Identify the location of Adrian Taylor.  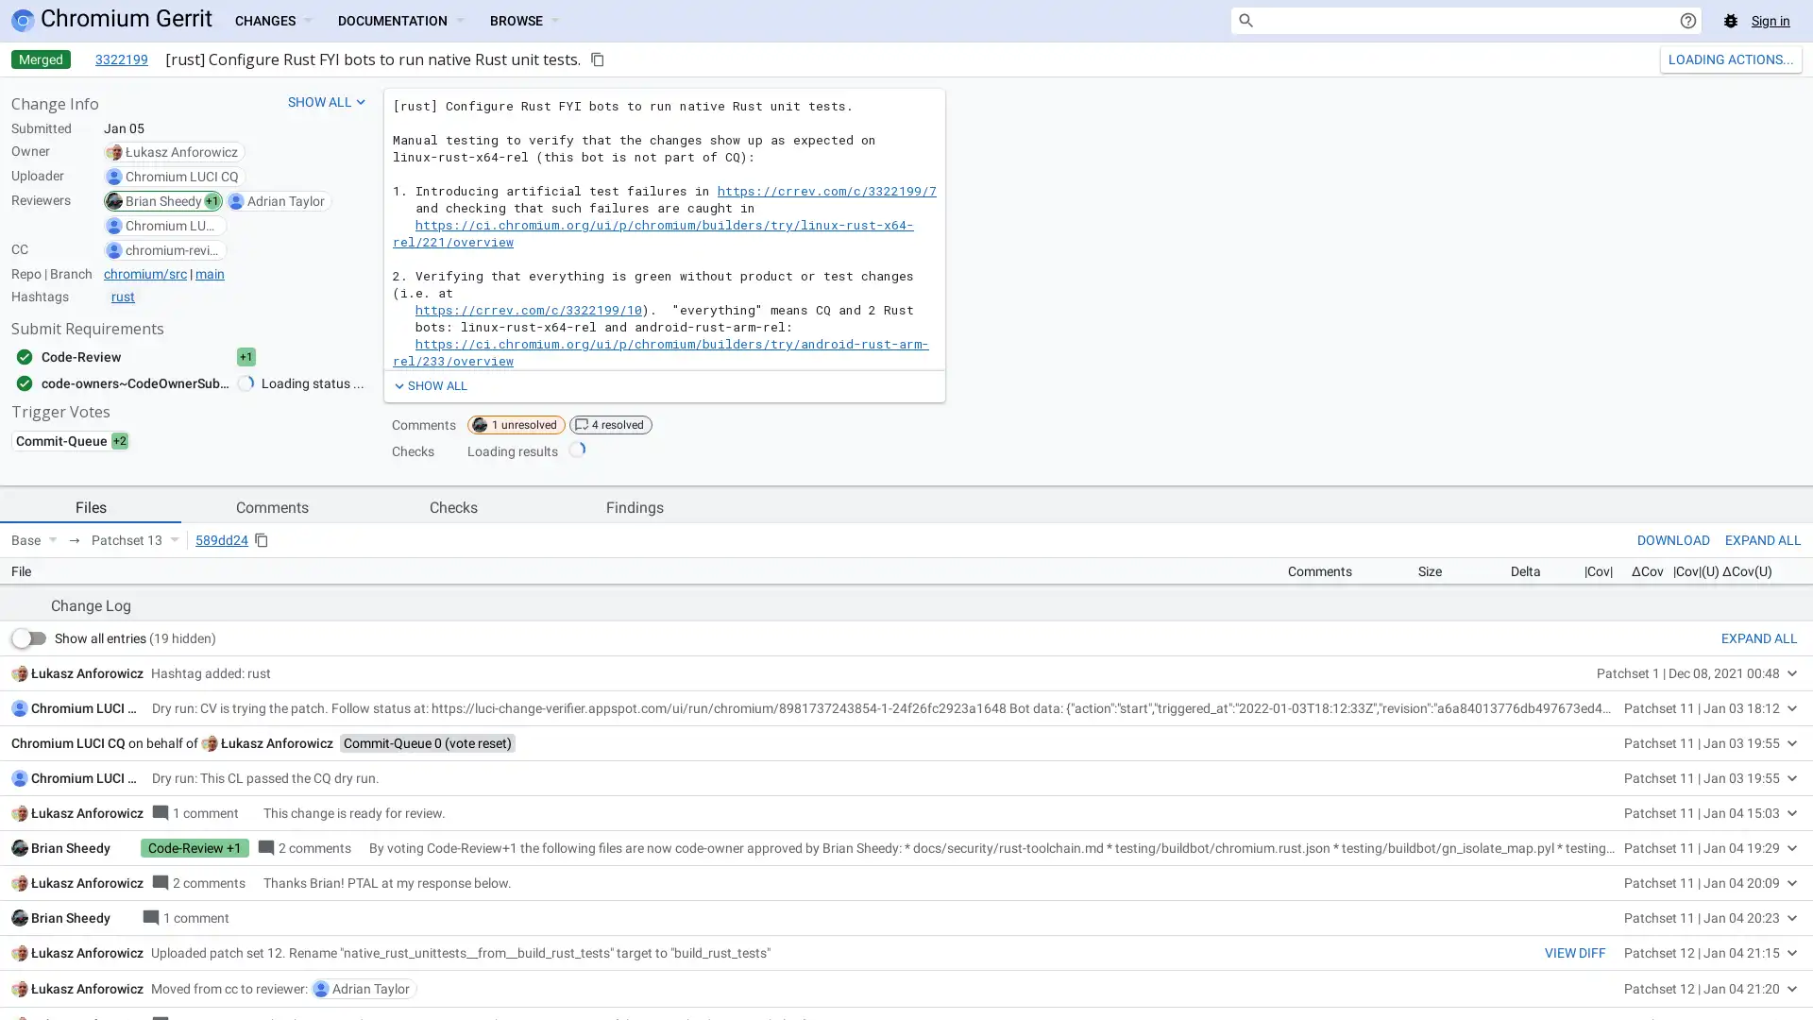
(284, 200).